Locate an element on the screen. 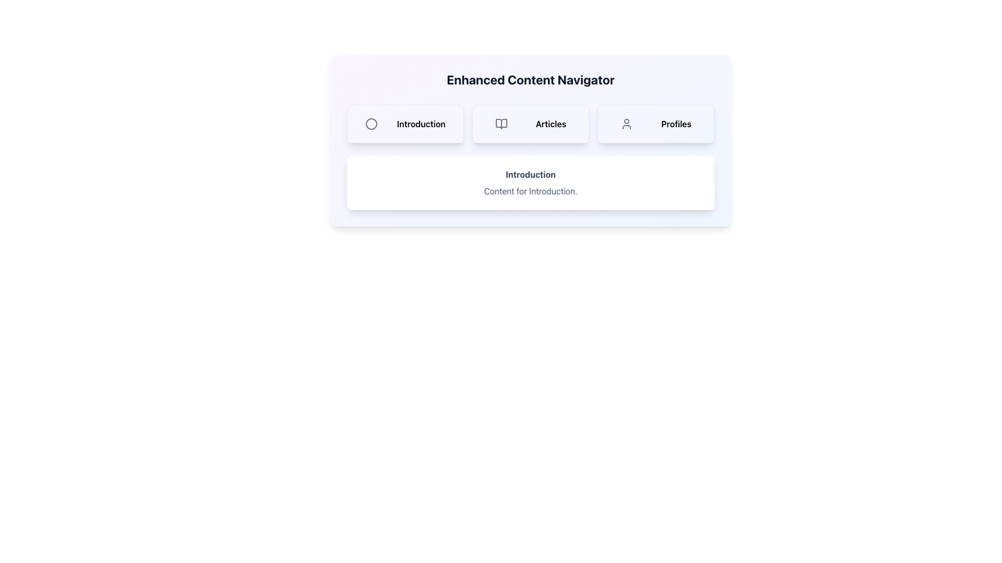  the circular graphic element within the 'Introduction' navigation tab located at the top-left segment of the interface is located at coordinates (372, 124).